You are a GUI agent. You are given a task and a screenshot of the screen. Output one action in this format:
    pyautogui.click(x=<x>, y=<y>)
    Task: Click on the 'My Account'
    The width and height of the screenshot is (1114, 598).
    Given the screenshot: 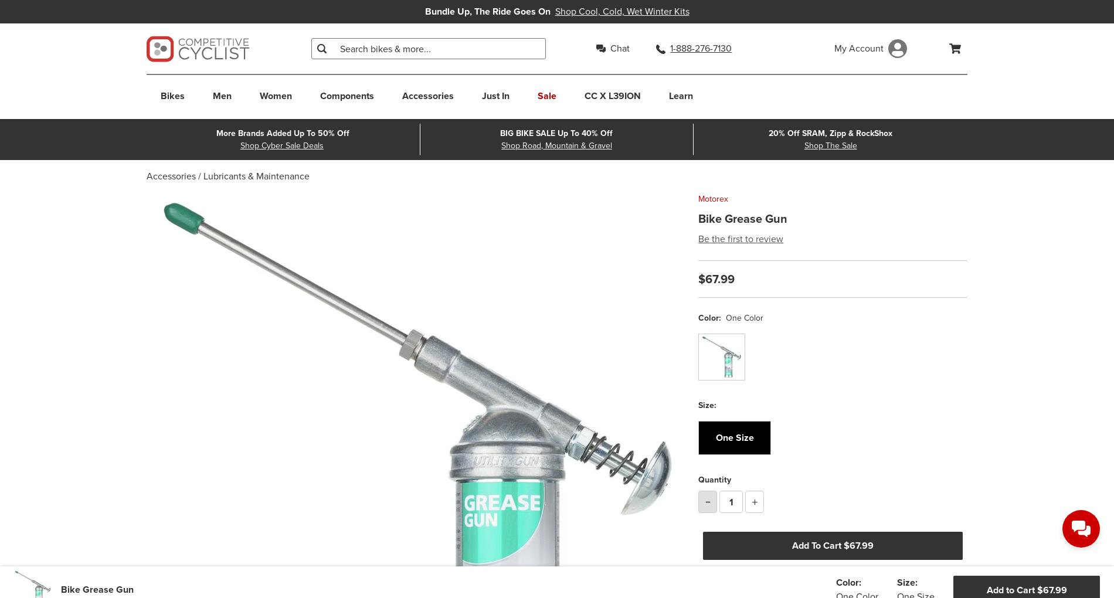 What is the action you would take?
    pyautogui.click(x=859, y=48)
    